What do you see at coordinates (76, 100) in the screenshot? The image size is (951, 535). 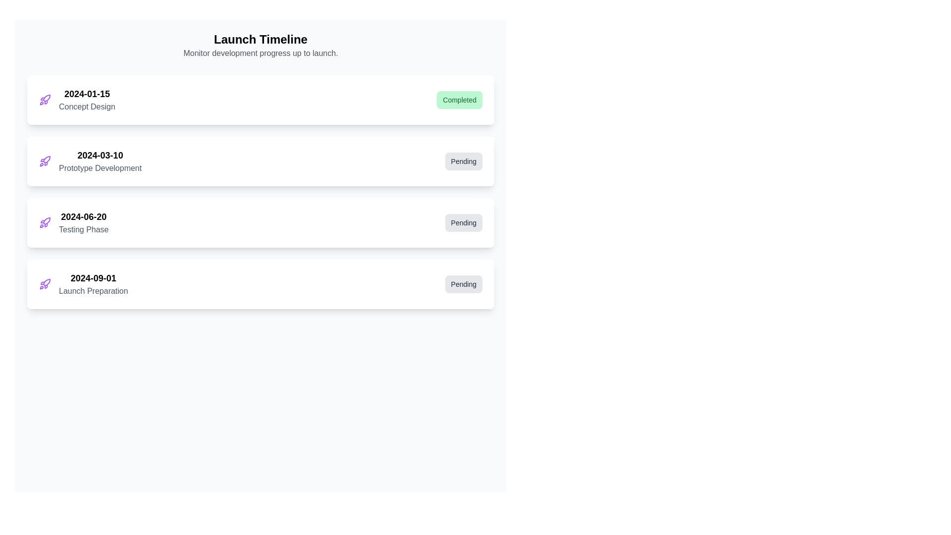 I see `the Timeline Entry that displays '2024-01-15' in bold and 'Concept Design' in lighter gray, located within a white card with rounded corners` at bounding box center [76, 100].